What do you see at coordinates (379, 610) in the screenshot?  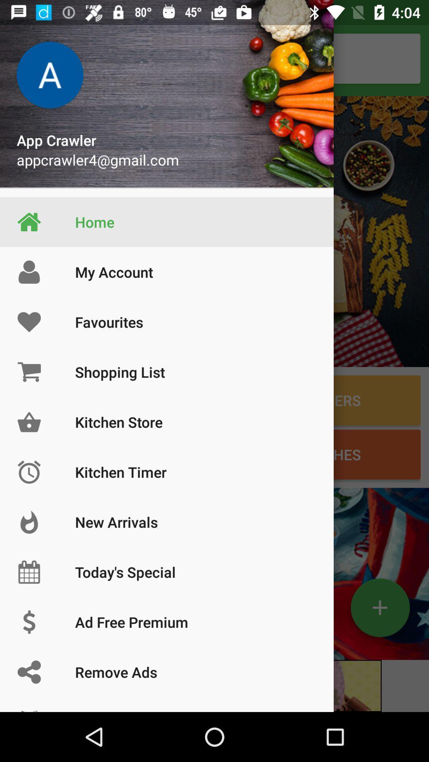 I see `the add icon` at bounding box center [379, 610].